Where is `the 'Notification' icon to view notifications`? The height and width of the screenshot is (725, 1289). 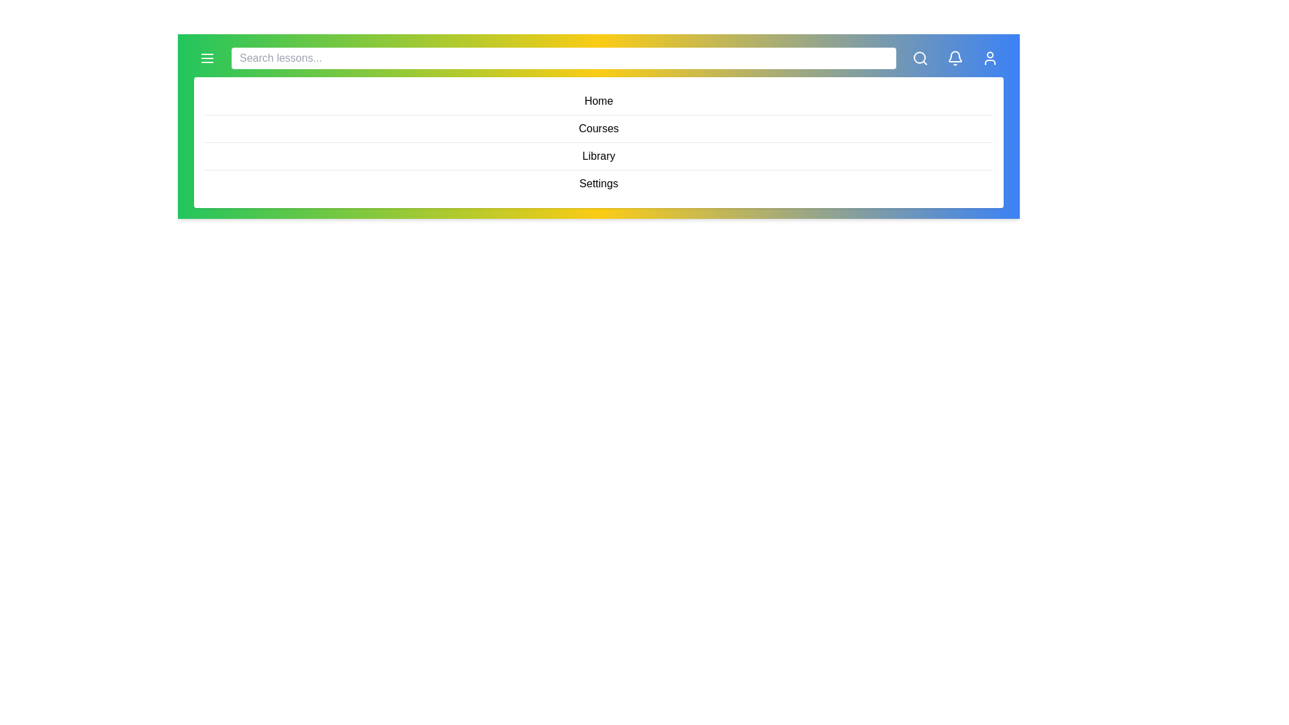
the 'Notification' icon to view notifications is located at coordinates (954, 58).